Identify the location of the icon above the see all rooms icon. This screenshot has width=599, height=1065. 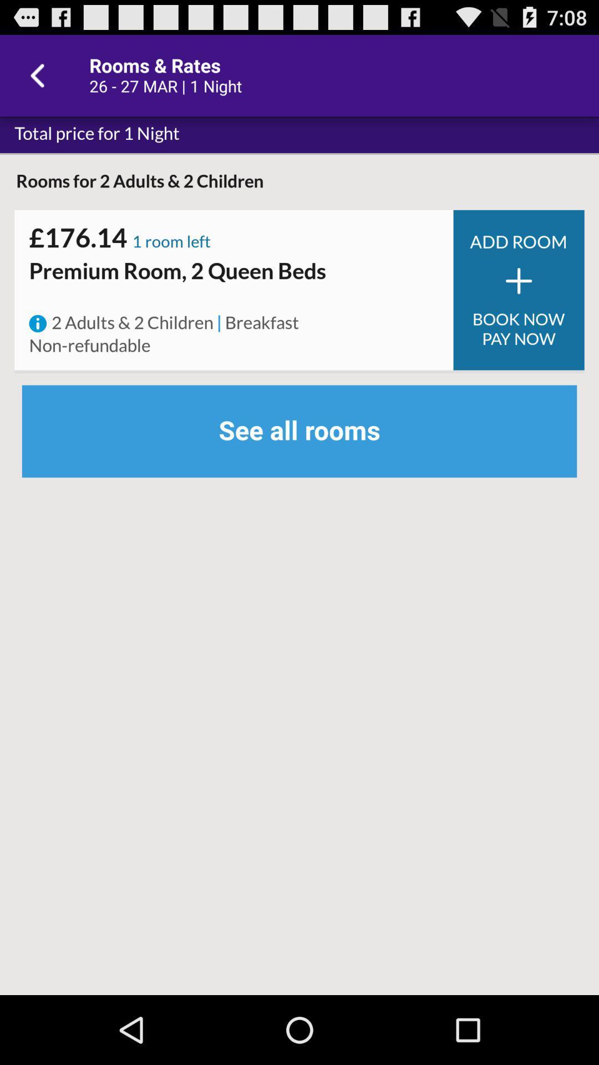
(219, 323).